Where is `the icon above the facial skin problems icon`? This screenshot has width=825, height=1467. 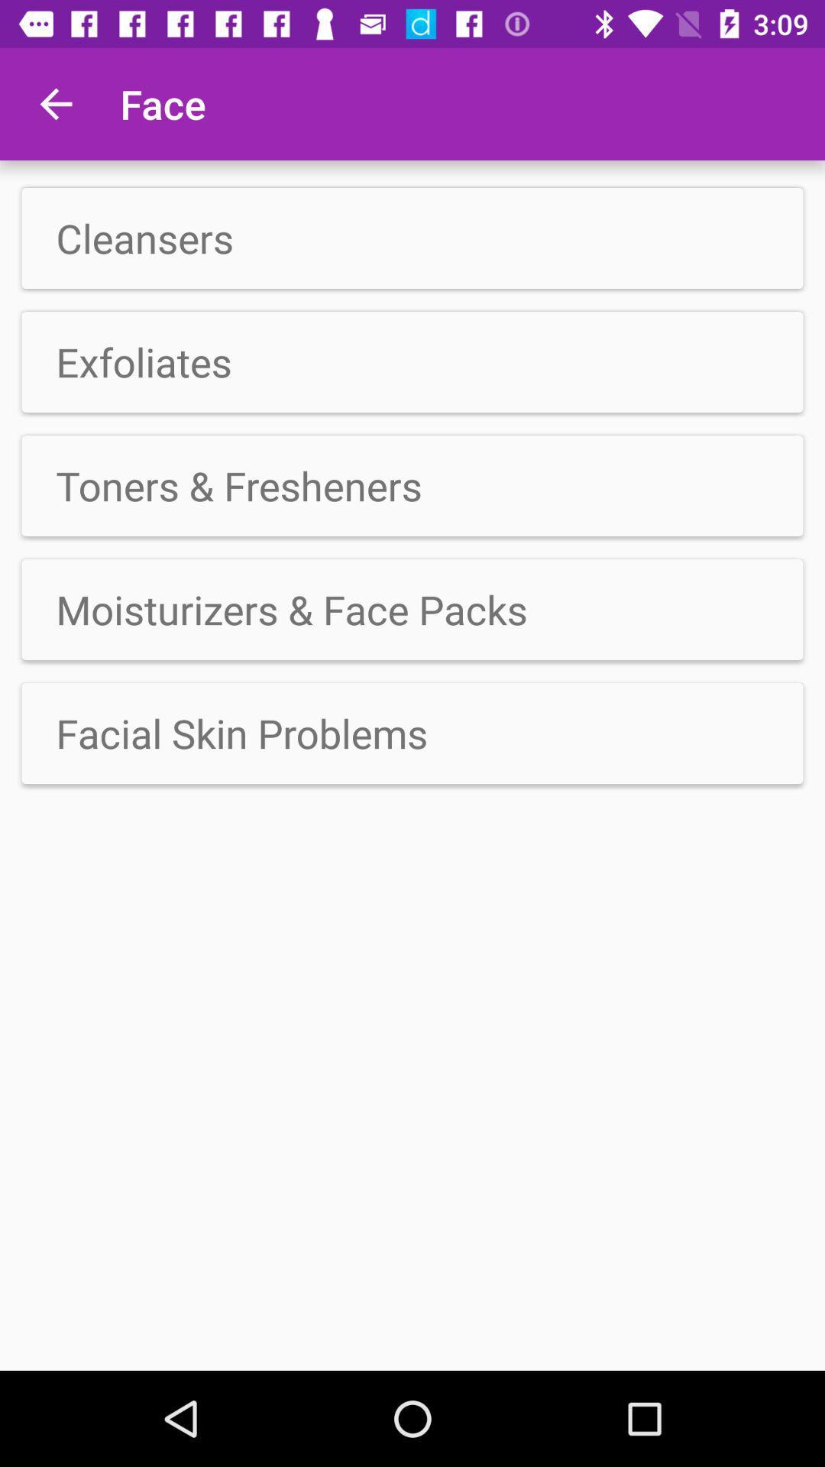 the icon above the facial skin problems icon is located at coordinates (412, 608).